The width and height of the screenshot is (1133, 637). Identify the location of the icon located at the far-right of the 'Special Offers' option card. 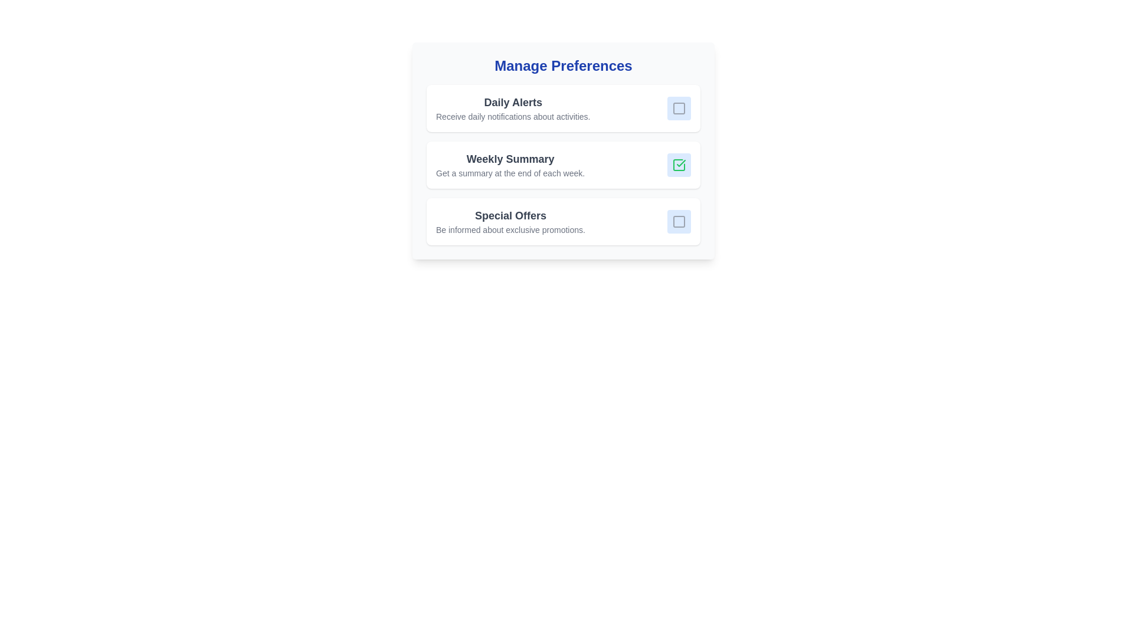
(679, 221).